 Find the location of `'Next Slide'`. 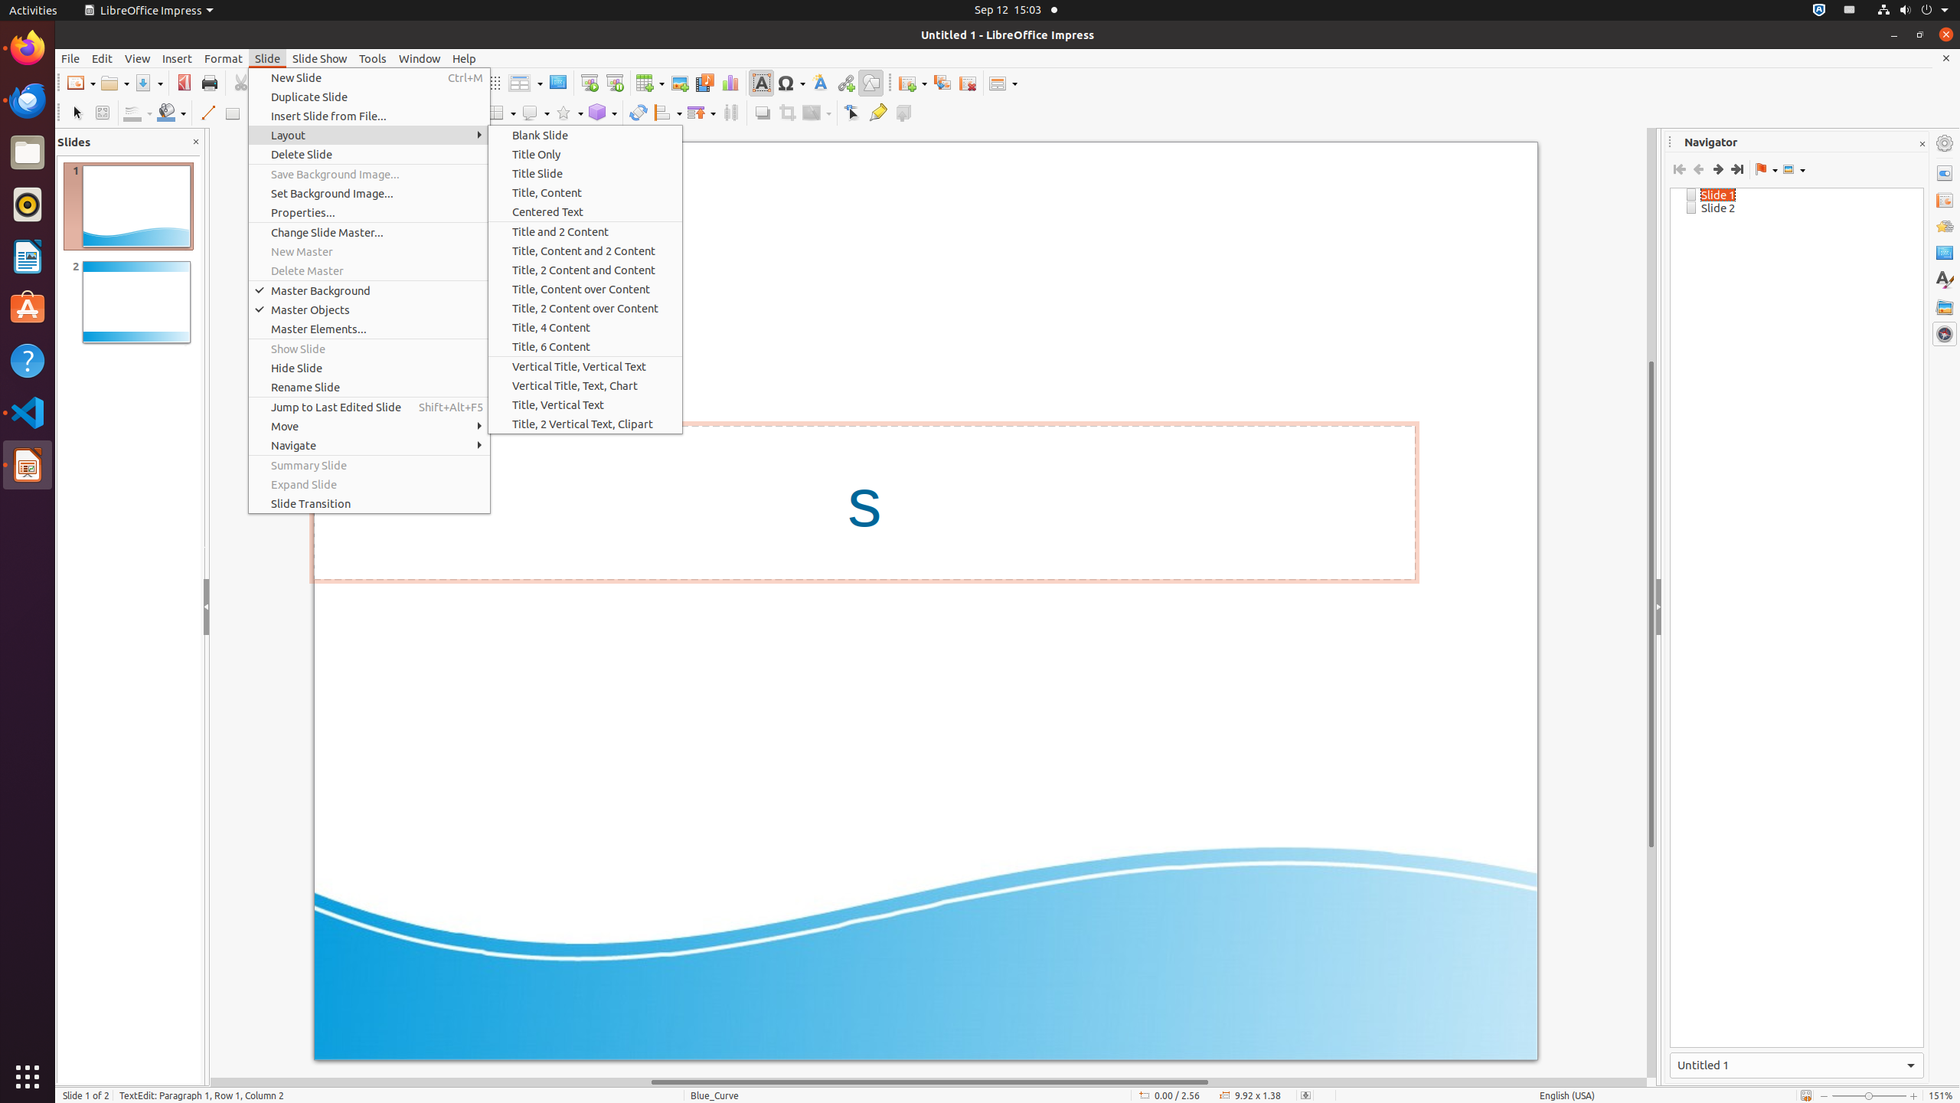

'Next Slide' is located at coordinates (1717, 169).